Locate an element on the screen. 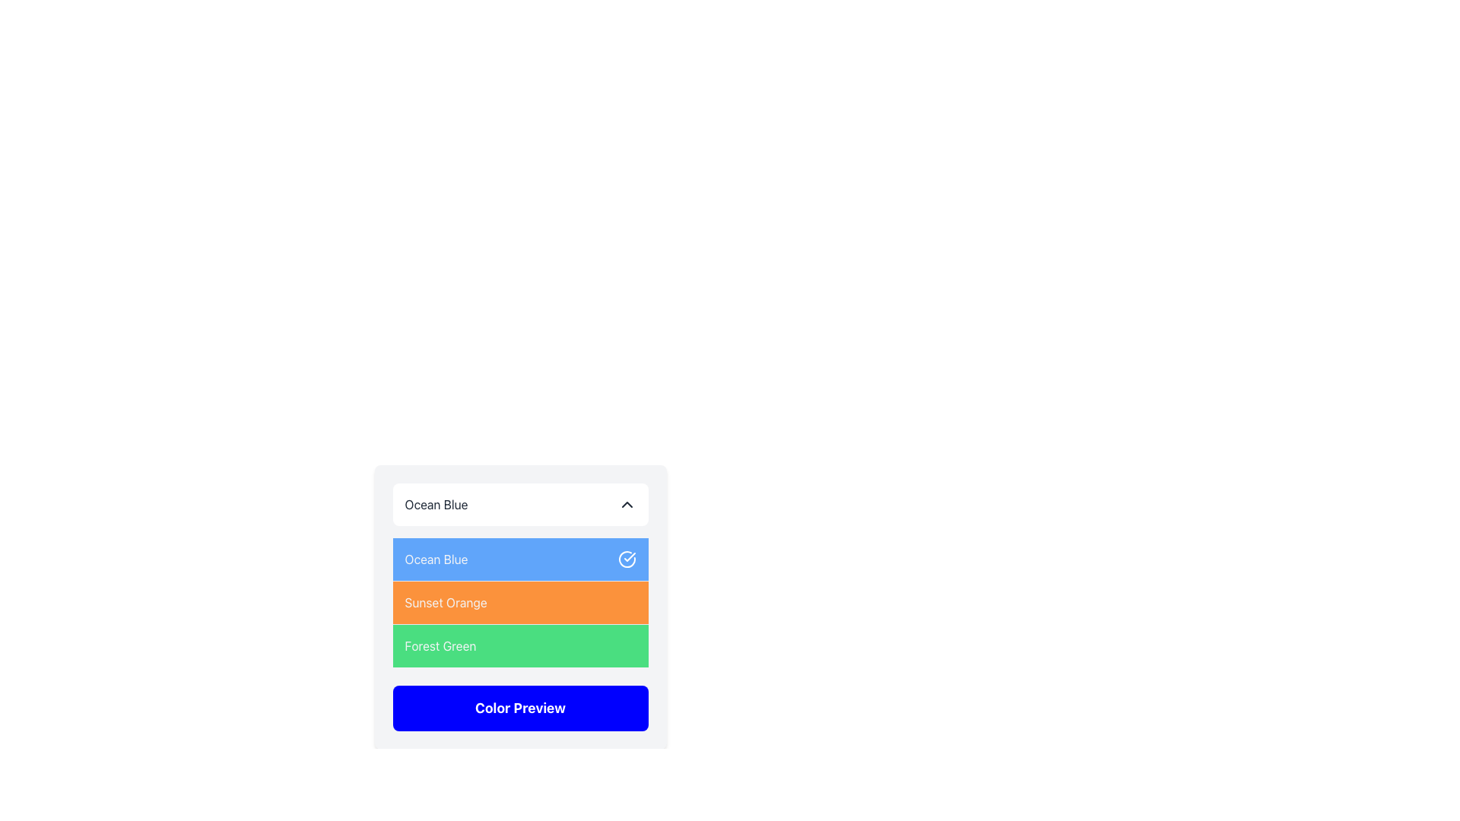 This screenshot has height=821, width=1460. the second color selection button is located at coordinates (520, 606).